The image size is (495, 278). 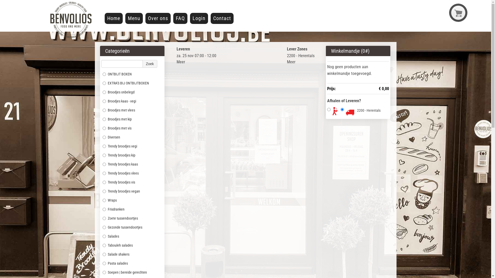 I want to click on 'FAQ', so click(x=180, y=18).